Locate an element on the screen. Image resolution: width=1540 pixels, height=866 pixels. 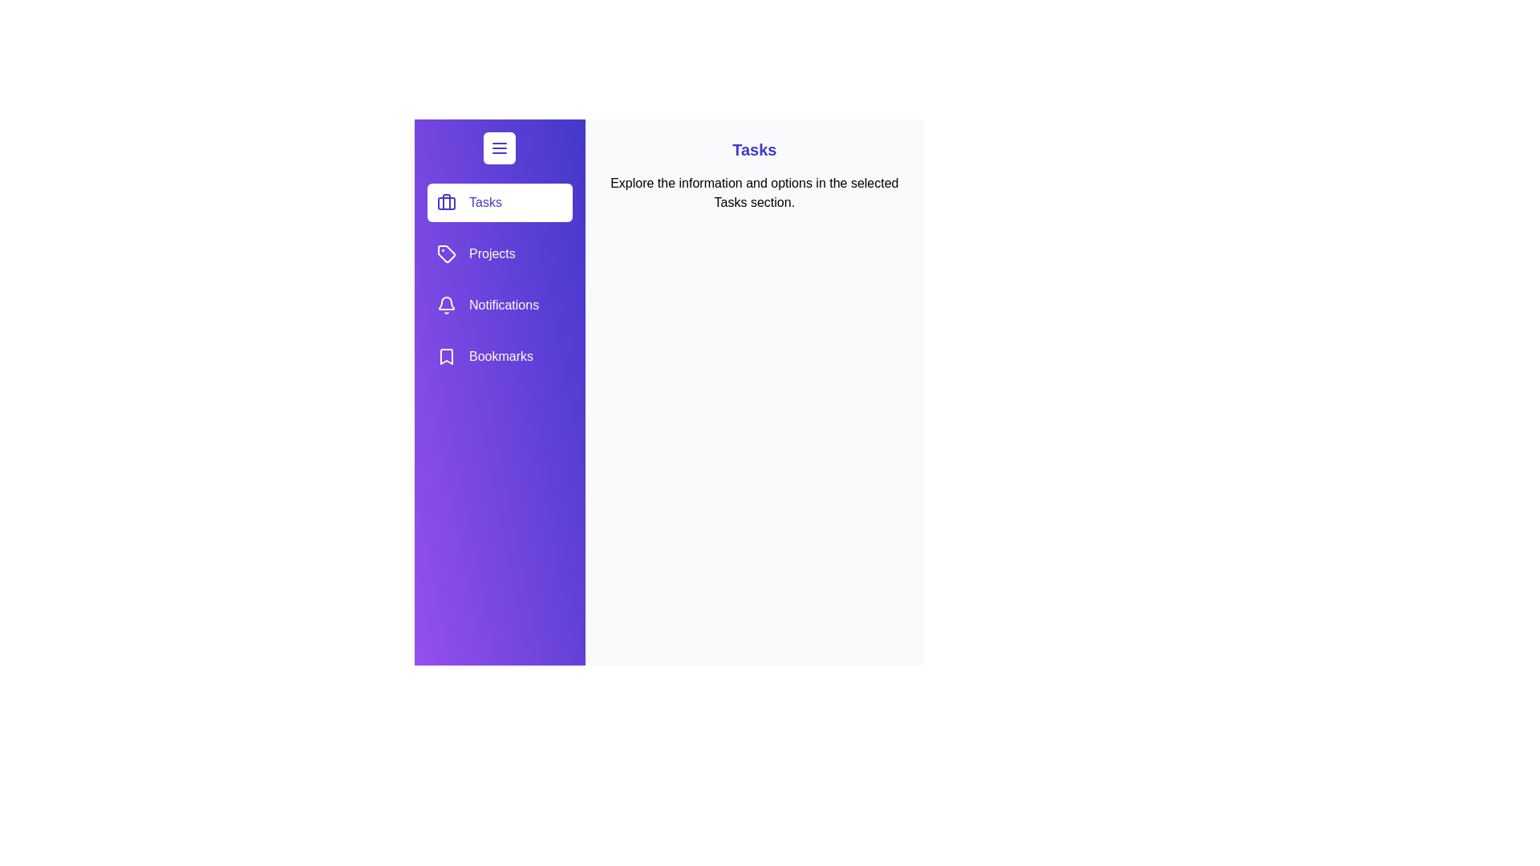
the option Projects from the list is located at coordinates (499, 253).